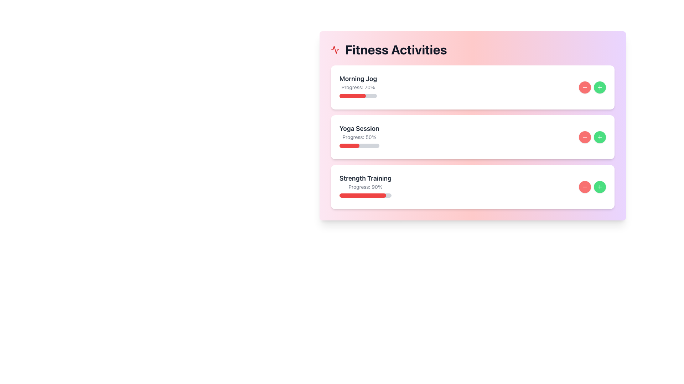  I want to click on the first circular button with a red background and white dash icon located on the right of the last activity in the visible list, so click(585, 137).